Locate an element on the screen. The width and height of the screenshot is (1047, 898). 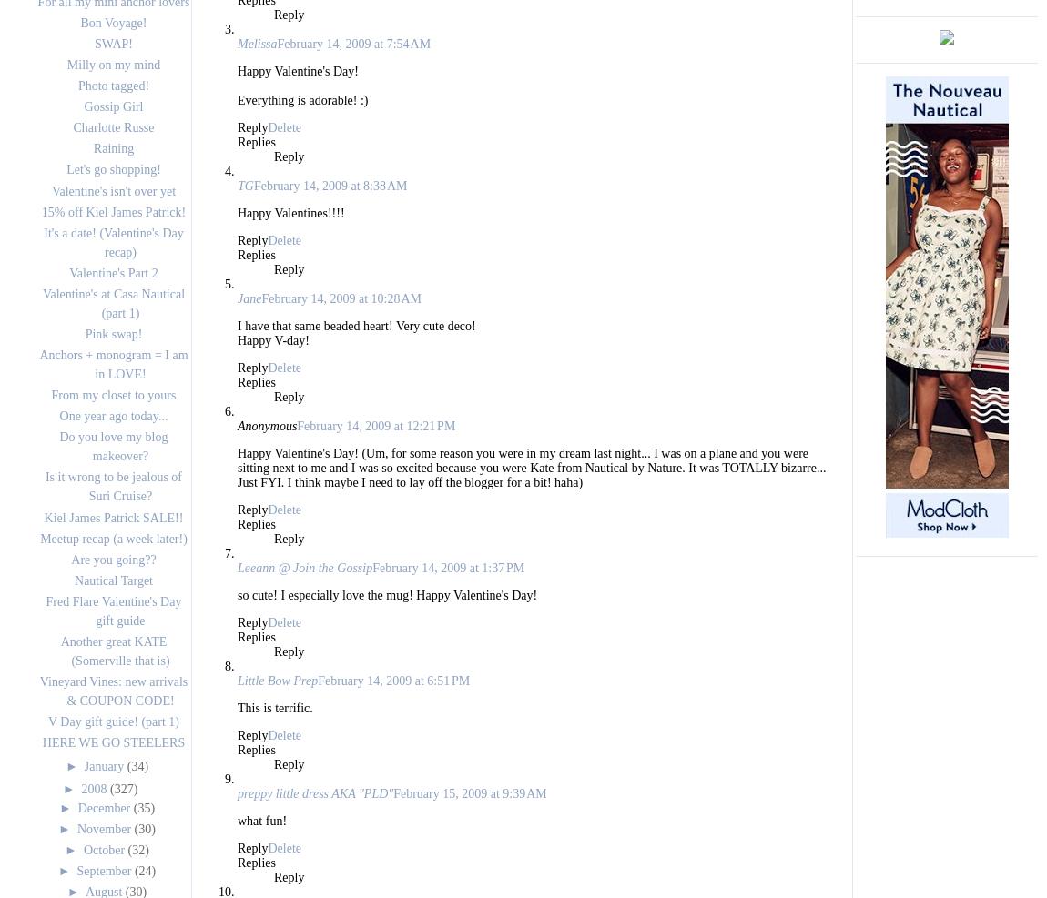
'what fun!' is located at coordinates (260, 820).